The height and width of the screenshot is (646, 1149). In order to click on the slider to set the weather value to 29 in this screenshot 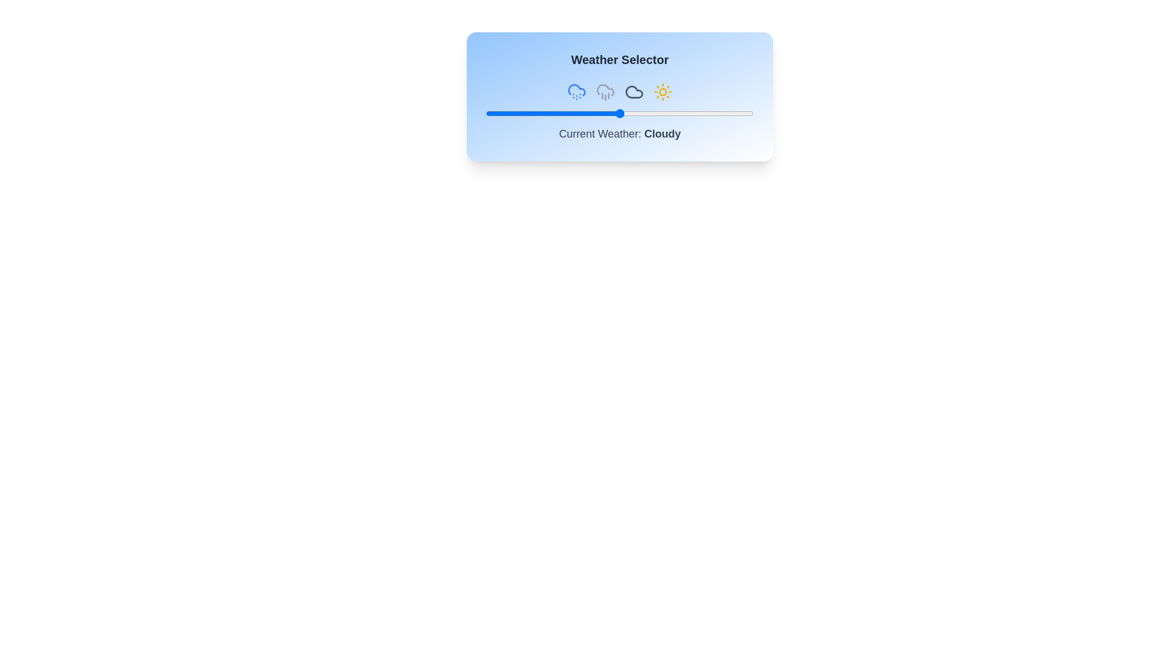, I will do `click(563, 113)`.